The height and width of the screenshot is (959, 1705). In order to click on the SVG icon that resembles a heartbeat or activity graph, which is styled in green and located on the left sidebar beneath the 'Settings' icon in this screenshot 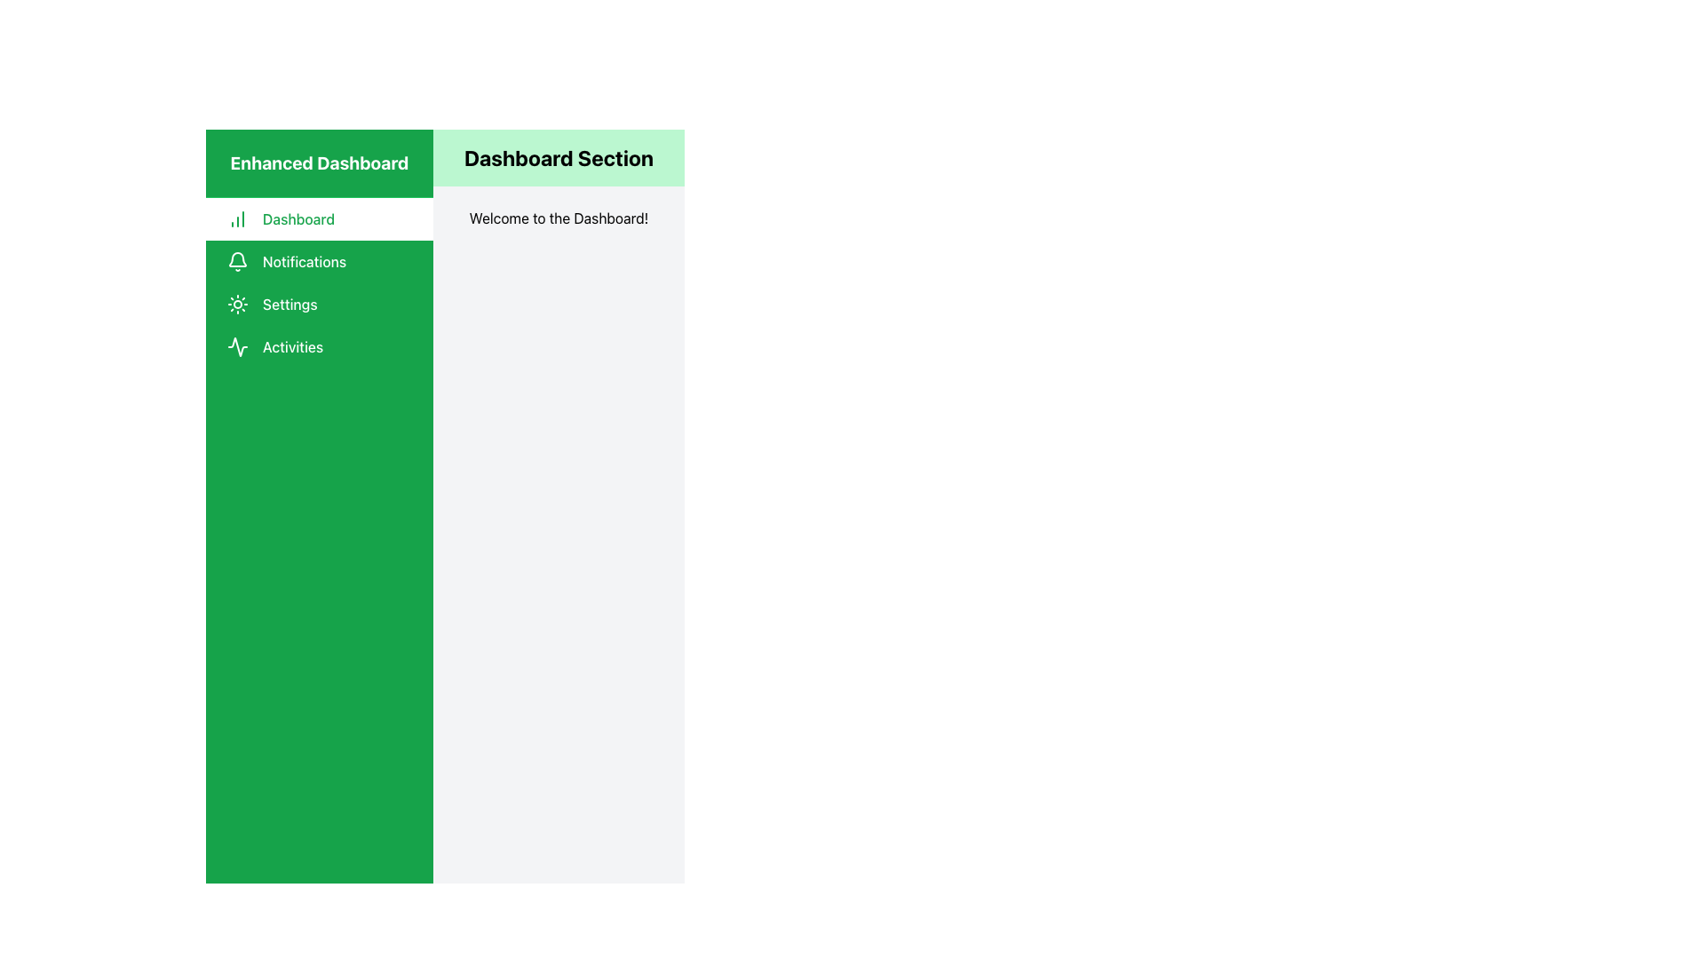, I will do `click(237, 346)`.